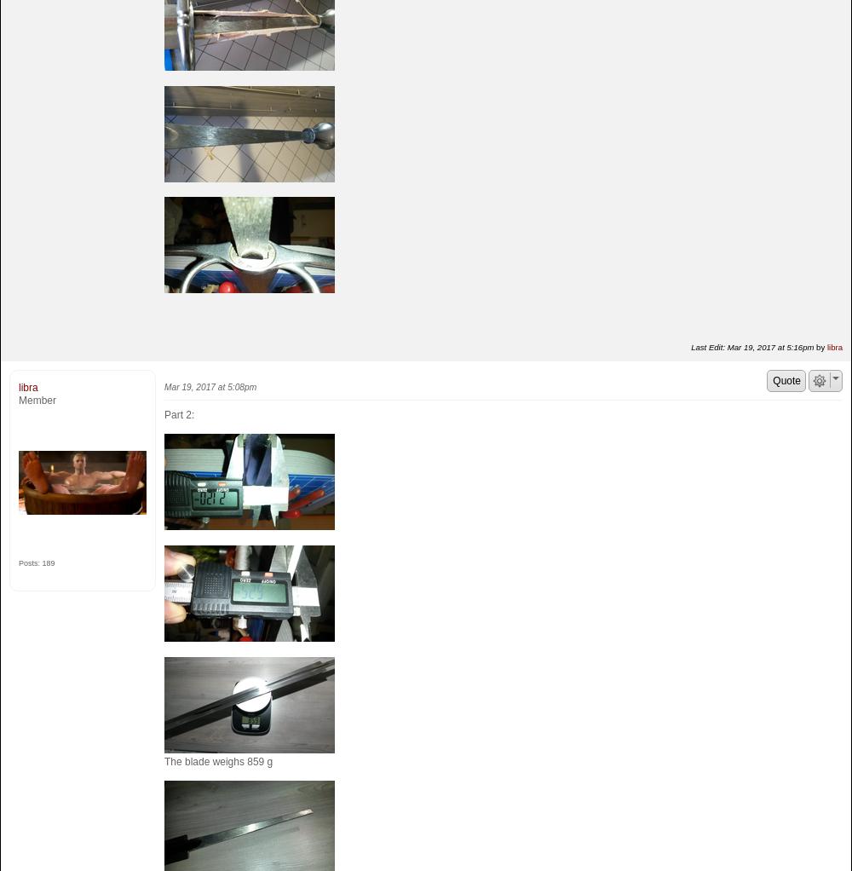  What do you see at coordinates (164, 414) in the screenshot?
I see `'Part 2:'` at bounding box center [164, 414].